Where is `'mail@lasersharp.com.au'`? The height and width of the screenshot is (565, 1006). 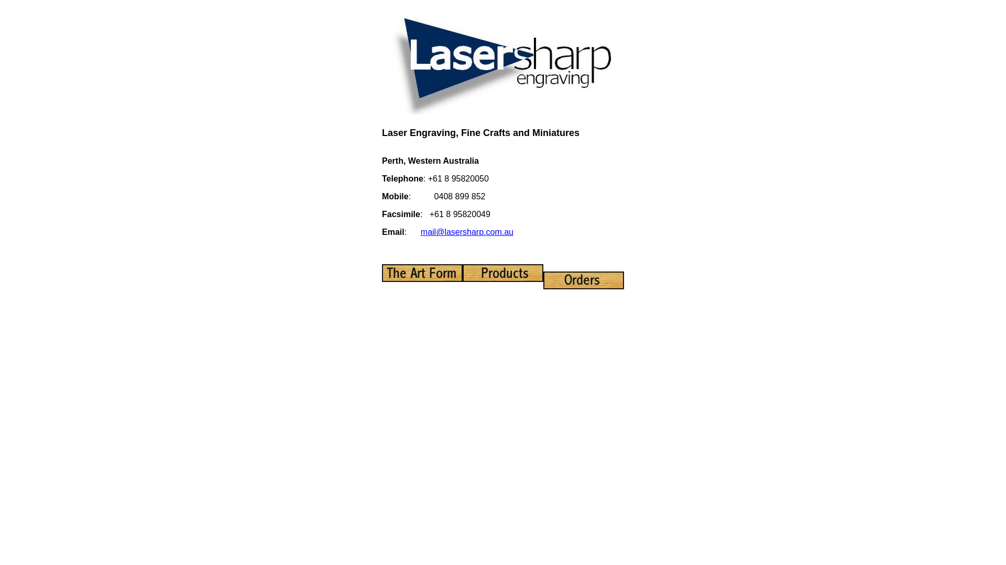 'mail@lasersharp.com.au' is located at coordinates (466, 231).